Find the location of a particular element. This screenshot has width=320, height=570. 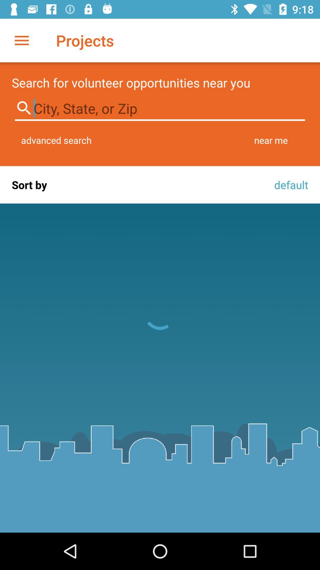

icon above the default item is located at coordinates (271, 140).